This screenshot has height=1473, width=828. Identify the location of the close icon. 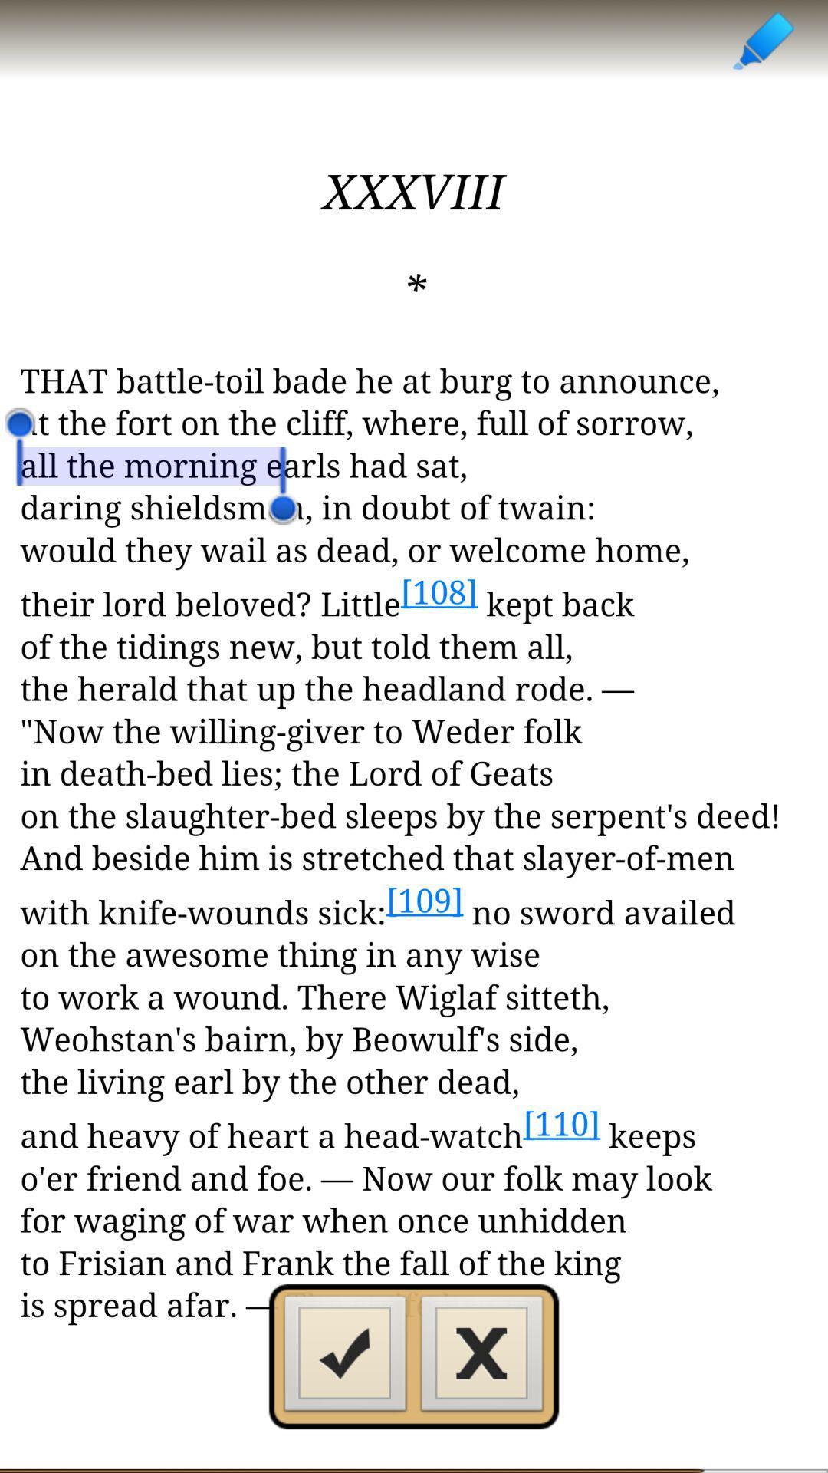
(481, 1358).